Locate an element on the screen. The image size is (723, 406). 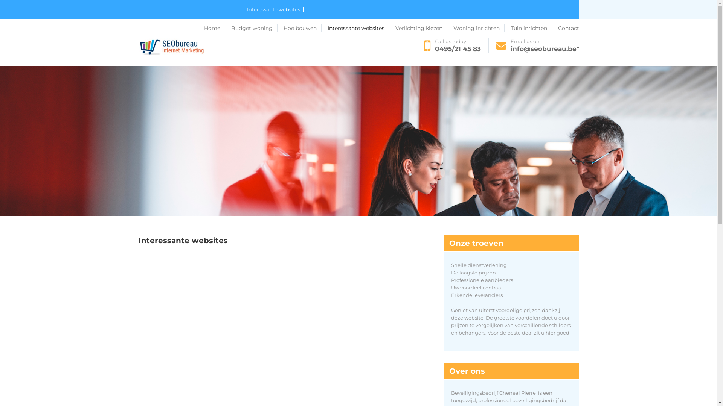
'Contact' is located at coordinates (569, 27).